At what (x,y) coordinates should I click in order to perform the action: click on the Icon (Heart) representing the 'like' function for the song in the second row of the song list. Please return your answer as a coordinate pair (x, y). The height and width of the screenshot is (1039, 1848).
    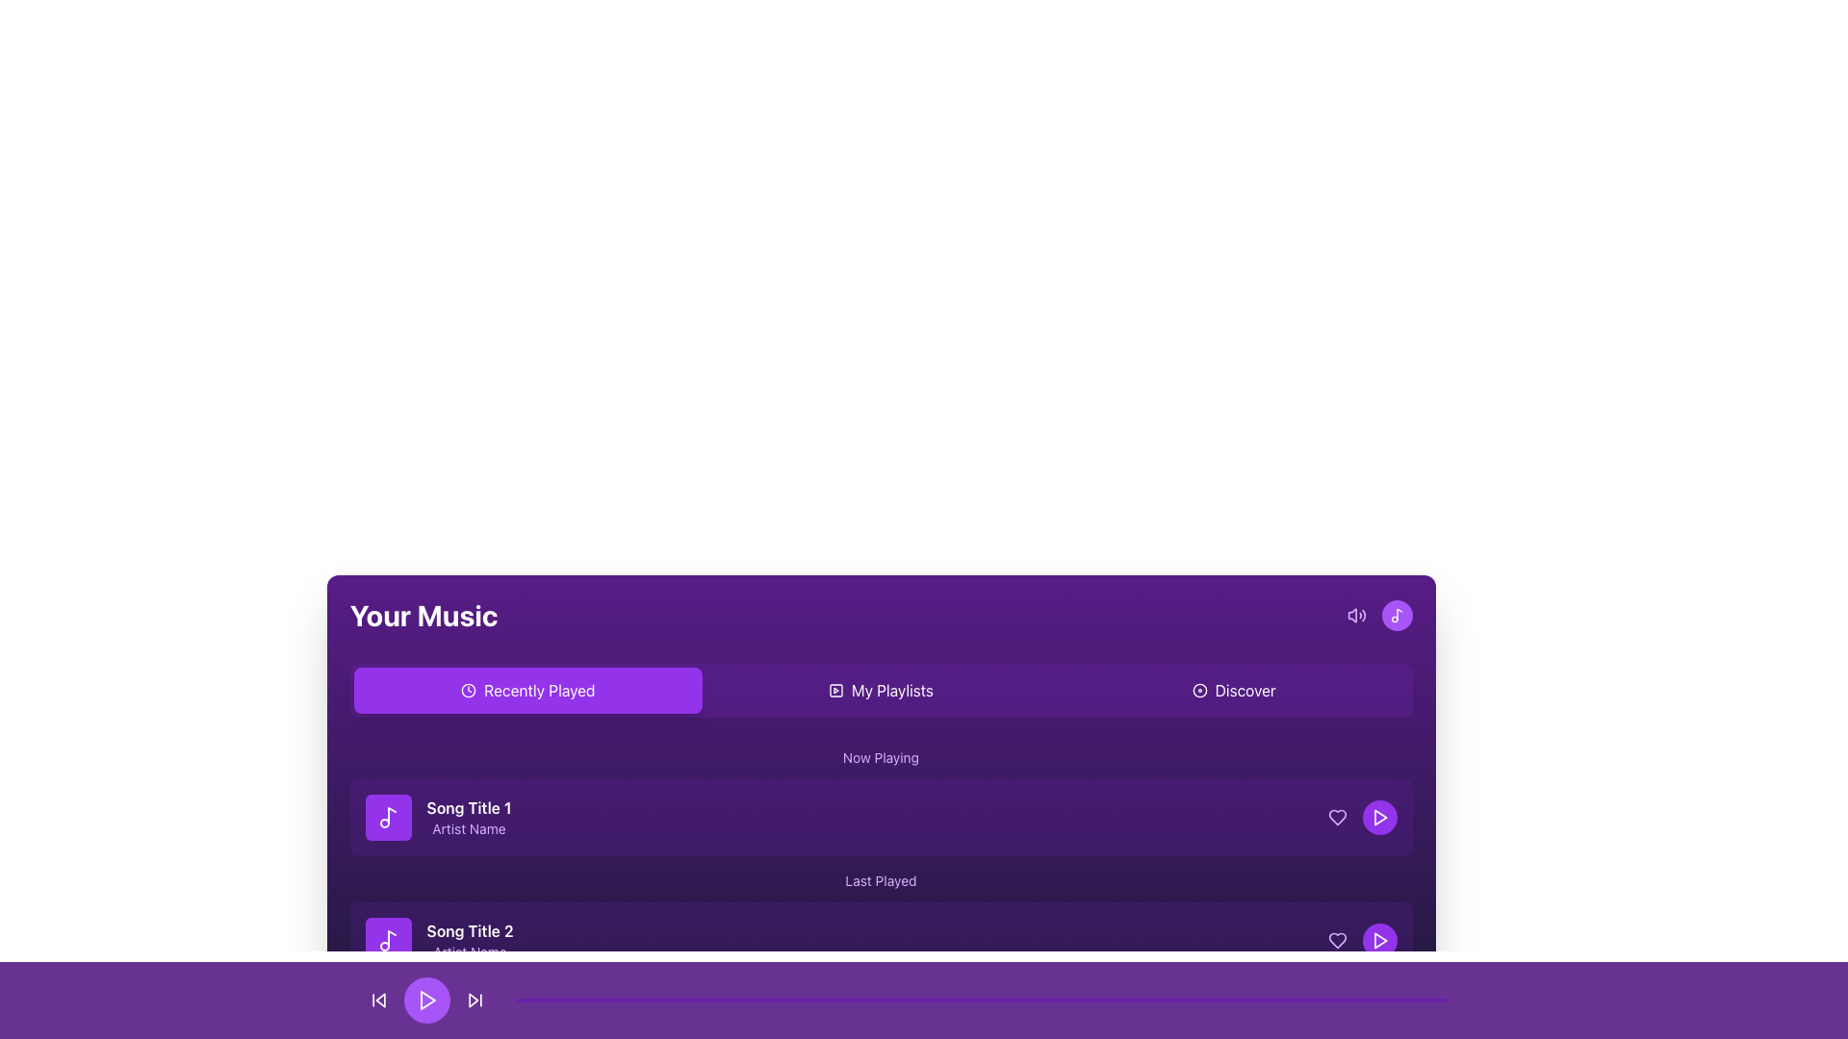
    Looking at the image, I should click on (1336, 817).